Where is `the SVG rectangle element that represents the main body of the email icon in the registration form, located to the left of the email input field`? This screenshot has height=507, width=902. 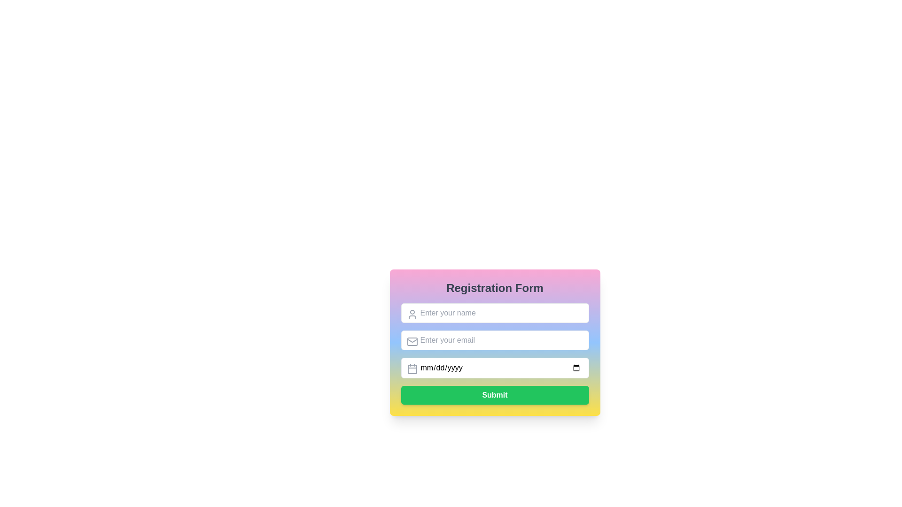
the SVG rectangle element that represents the main body of the email icon in the registration form, located to the left of the email input field is located at coordinates (412, 342).